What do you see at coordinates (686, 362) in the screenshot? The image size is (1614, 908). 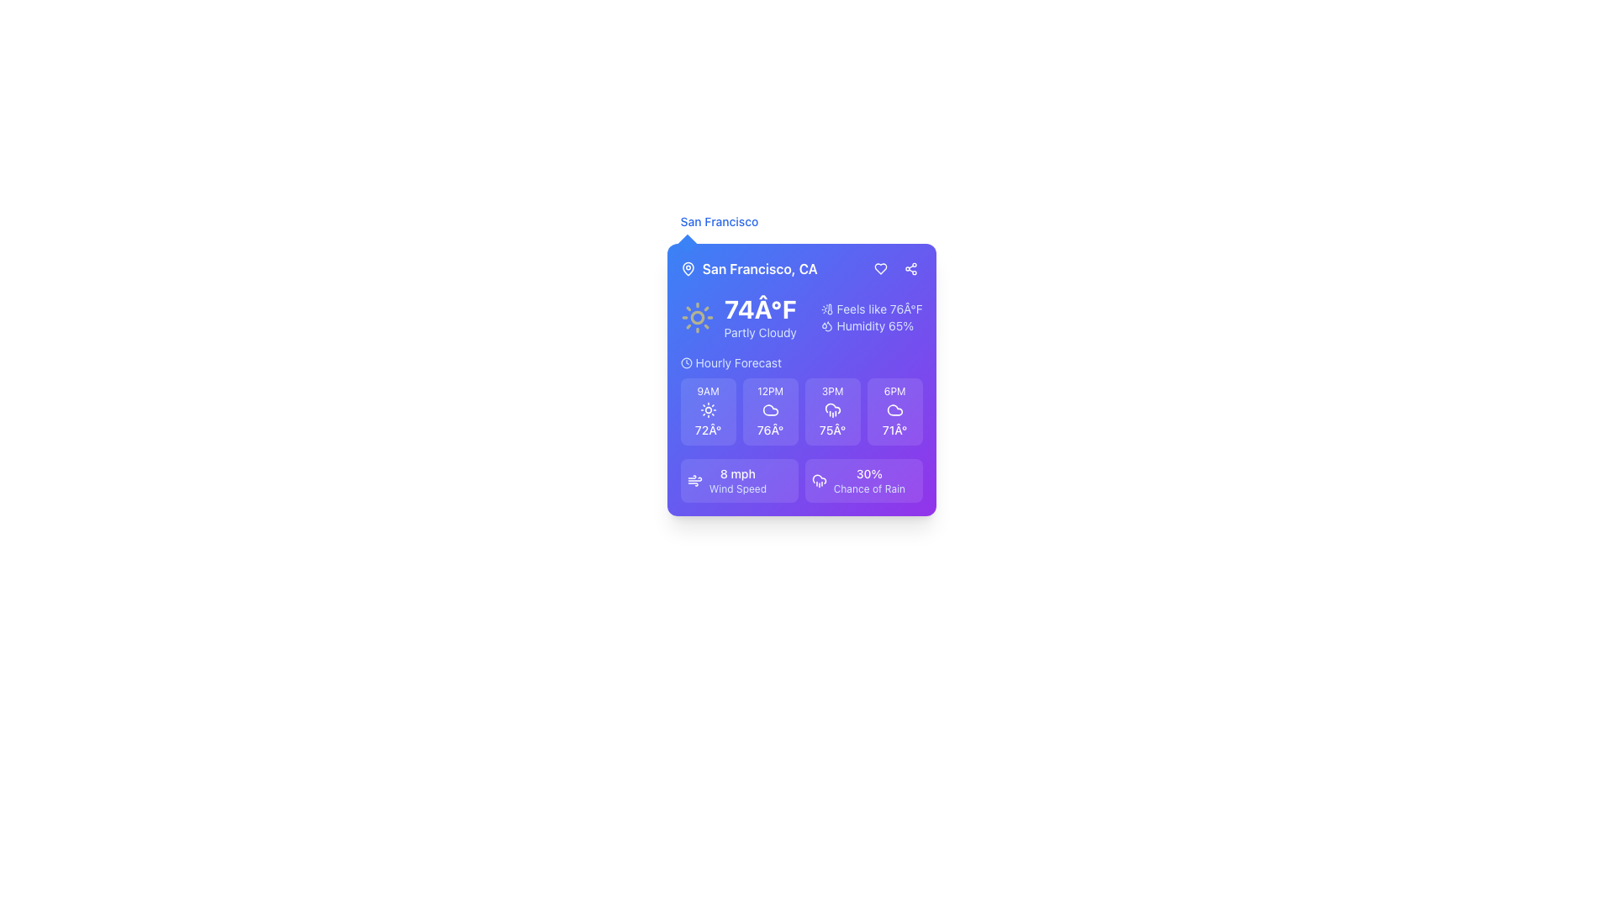 I see `the clock icon located to the left of the 'Hourly Forecast' text in the upper middle portion of the interface` at bounding box center [686, 362].